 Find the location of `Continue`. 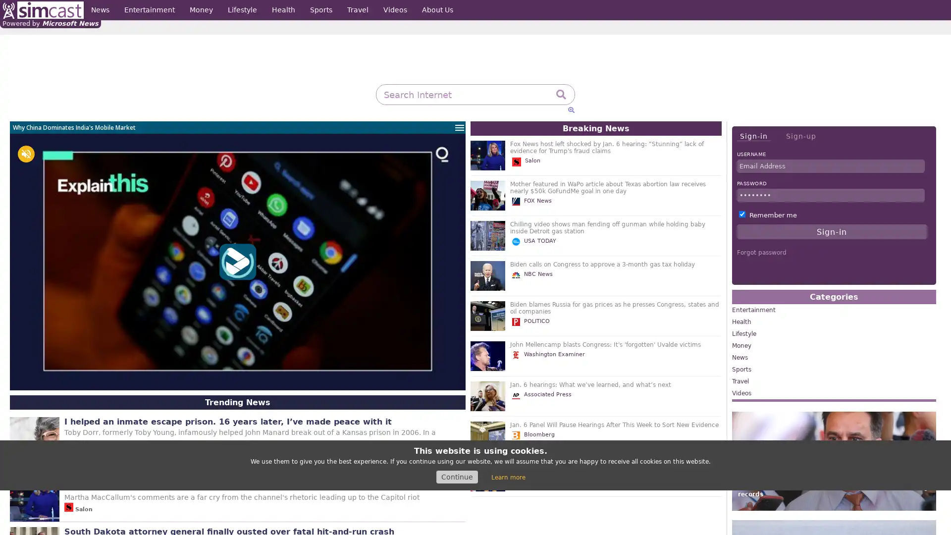

Continue is located at coordinates (456, 477).